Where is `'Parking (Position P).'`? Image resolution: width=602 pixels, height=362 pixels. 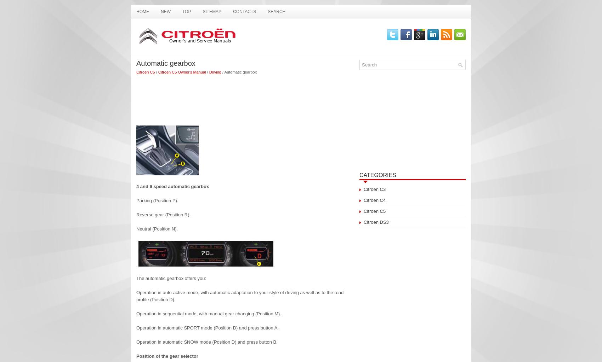
'Parking (Position P).' is located at coordinates (157, 200).